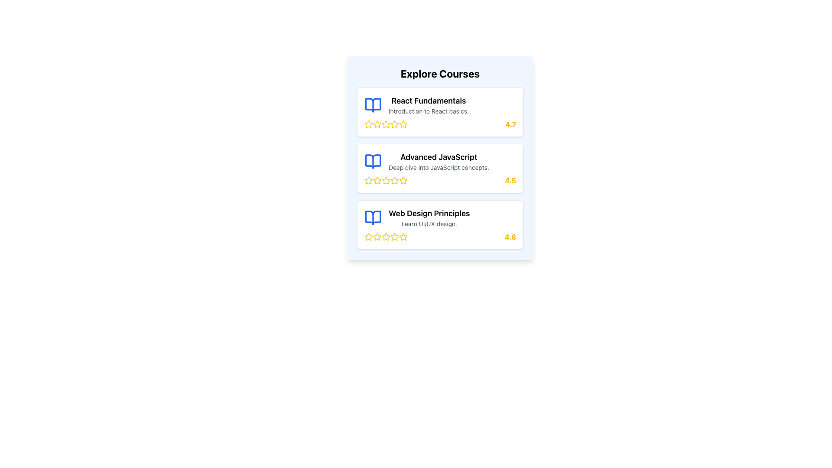 The height and width of the screenshot is (468, 832). What do you see at coordinates (373, 105) in the screenshot?
I see `the SVG Icon representing the 'React Fundamentals' course, which symbolizes an open book and is located at the top of the course list adjacent to the course title and description texts` at bounding box center [373, 105].